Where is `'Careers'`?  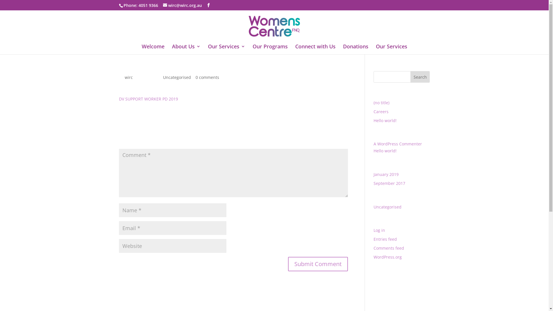 'Careers' is located at coordinates (381, 111).